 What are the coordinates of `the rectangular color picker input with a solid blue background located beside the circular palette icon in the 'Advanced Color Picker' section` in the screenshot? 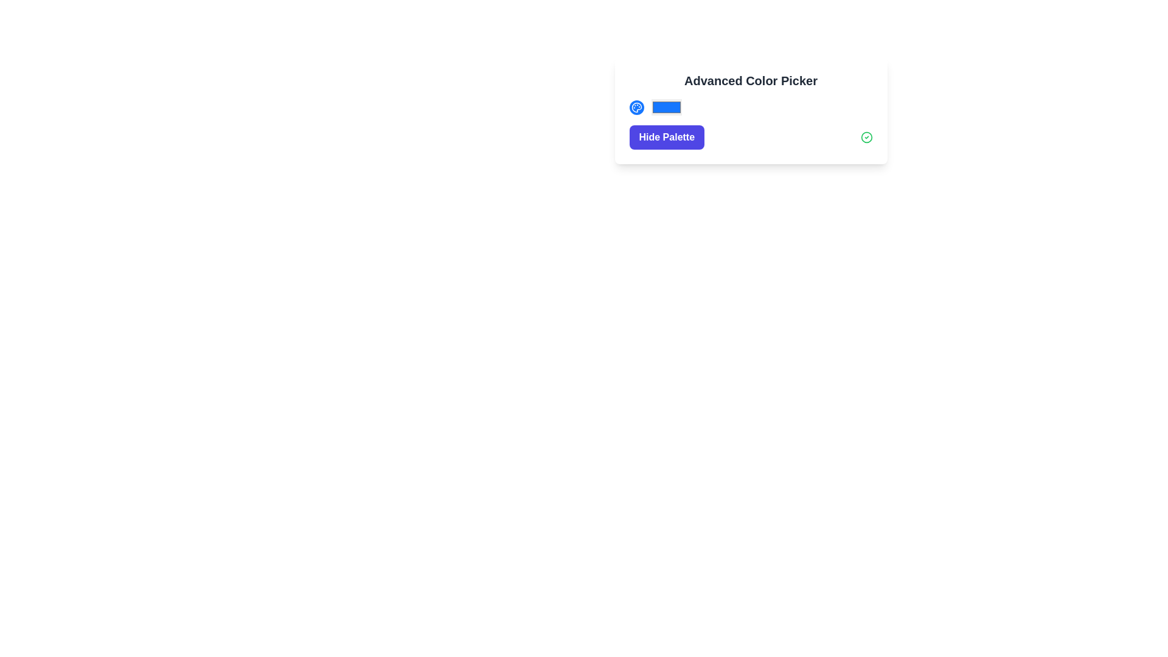 It's located at (666, 106).